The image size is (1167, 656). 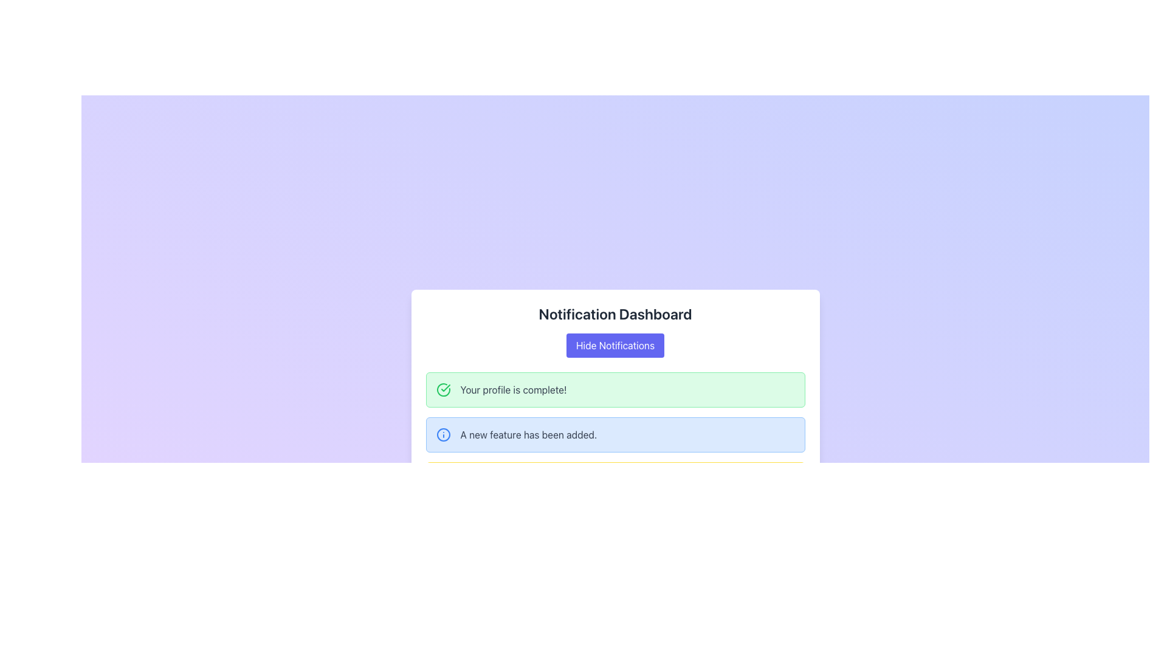 What do you see at coordinates (615, 313) in the screenshot?
I see `text header labeled 'Notification Dashboard', which is in bold, large dark gray font and centered above the content area` at bounding box center [615, 313].